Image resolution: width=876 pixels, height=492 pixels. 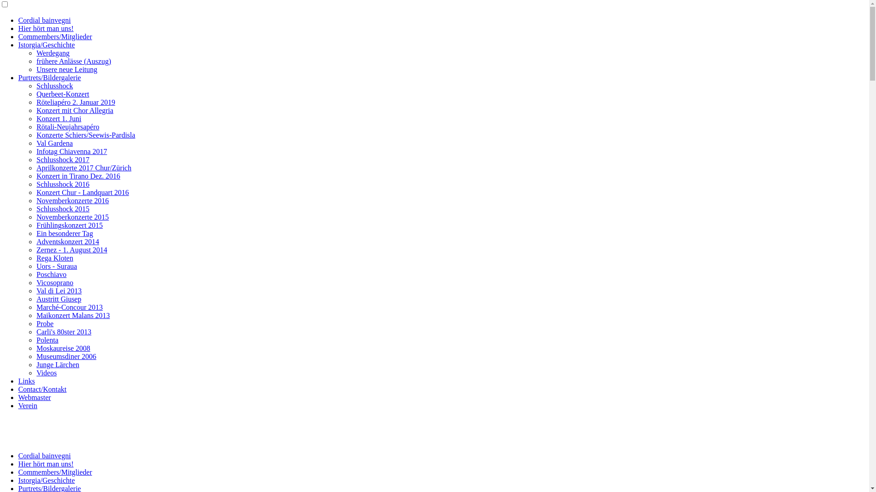 What do you see at coordinates (46, 373) in the screenshot?
I see `'Videos'` at bounding box center [46, 373].